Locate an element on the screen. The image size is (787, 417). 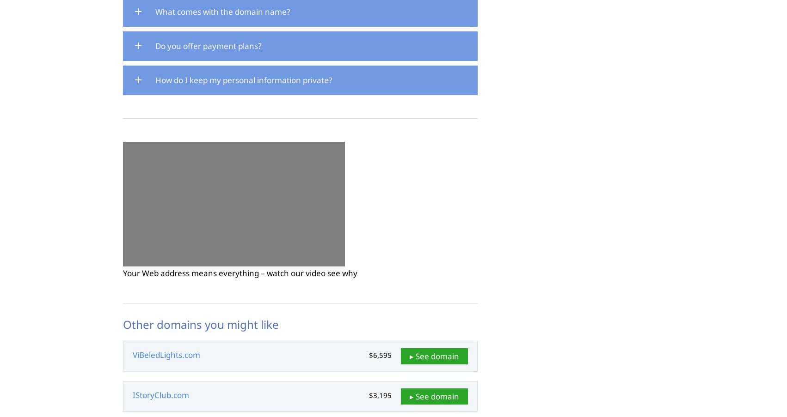
'$3,195' is located at coordinates (380, 395).